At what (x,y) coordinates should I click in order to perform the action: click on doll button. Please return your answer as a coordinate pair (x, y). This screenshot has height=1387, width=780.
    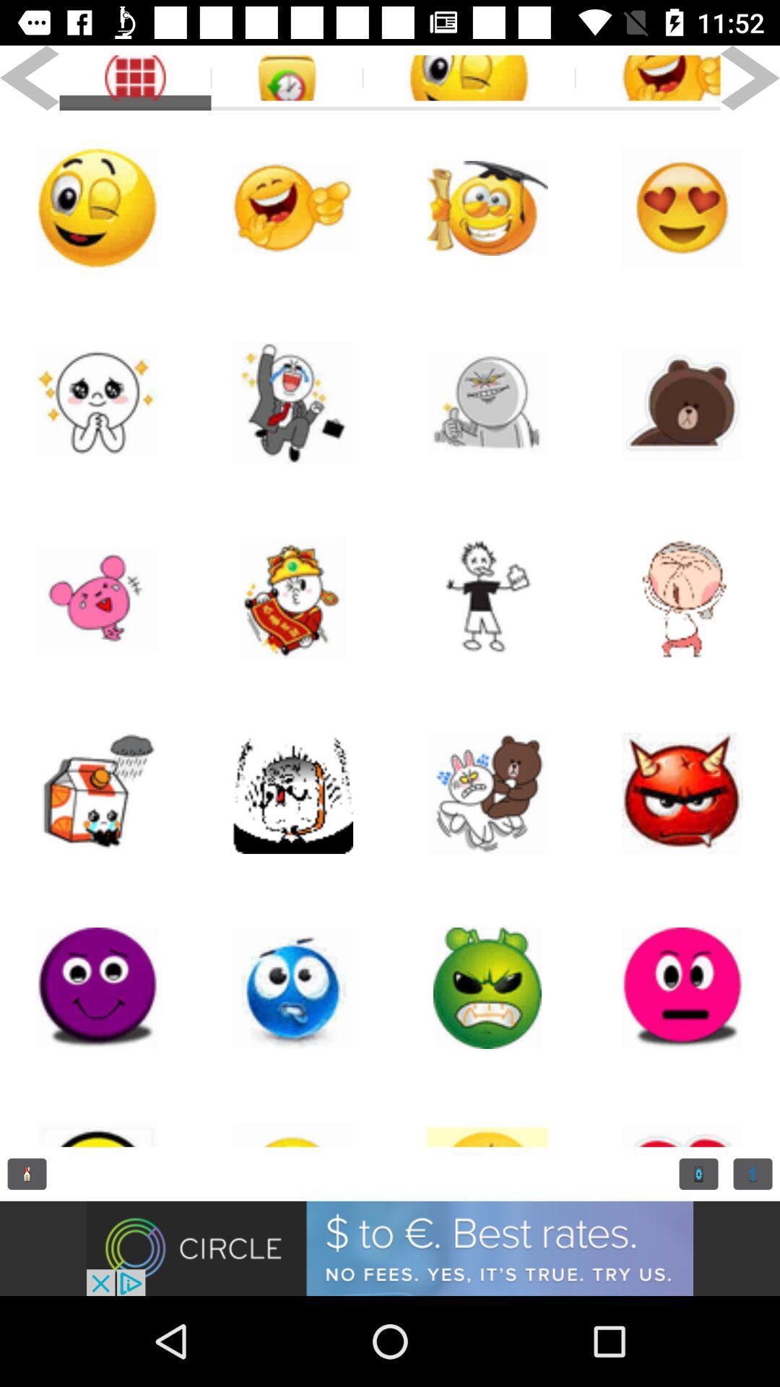
    Looking at the image, I should click on (487, 1115).